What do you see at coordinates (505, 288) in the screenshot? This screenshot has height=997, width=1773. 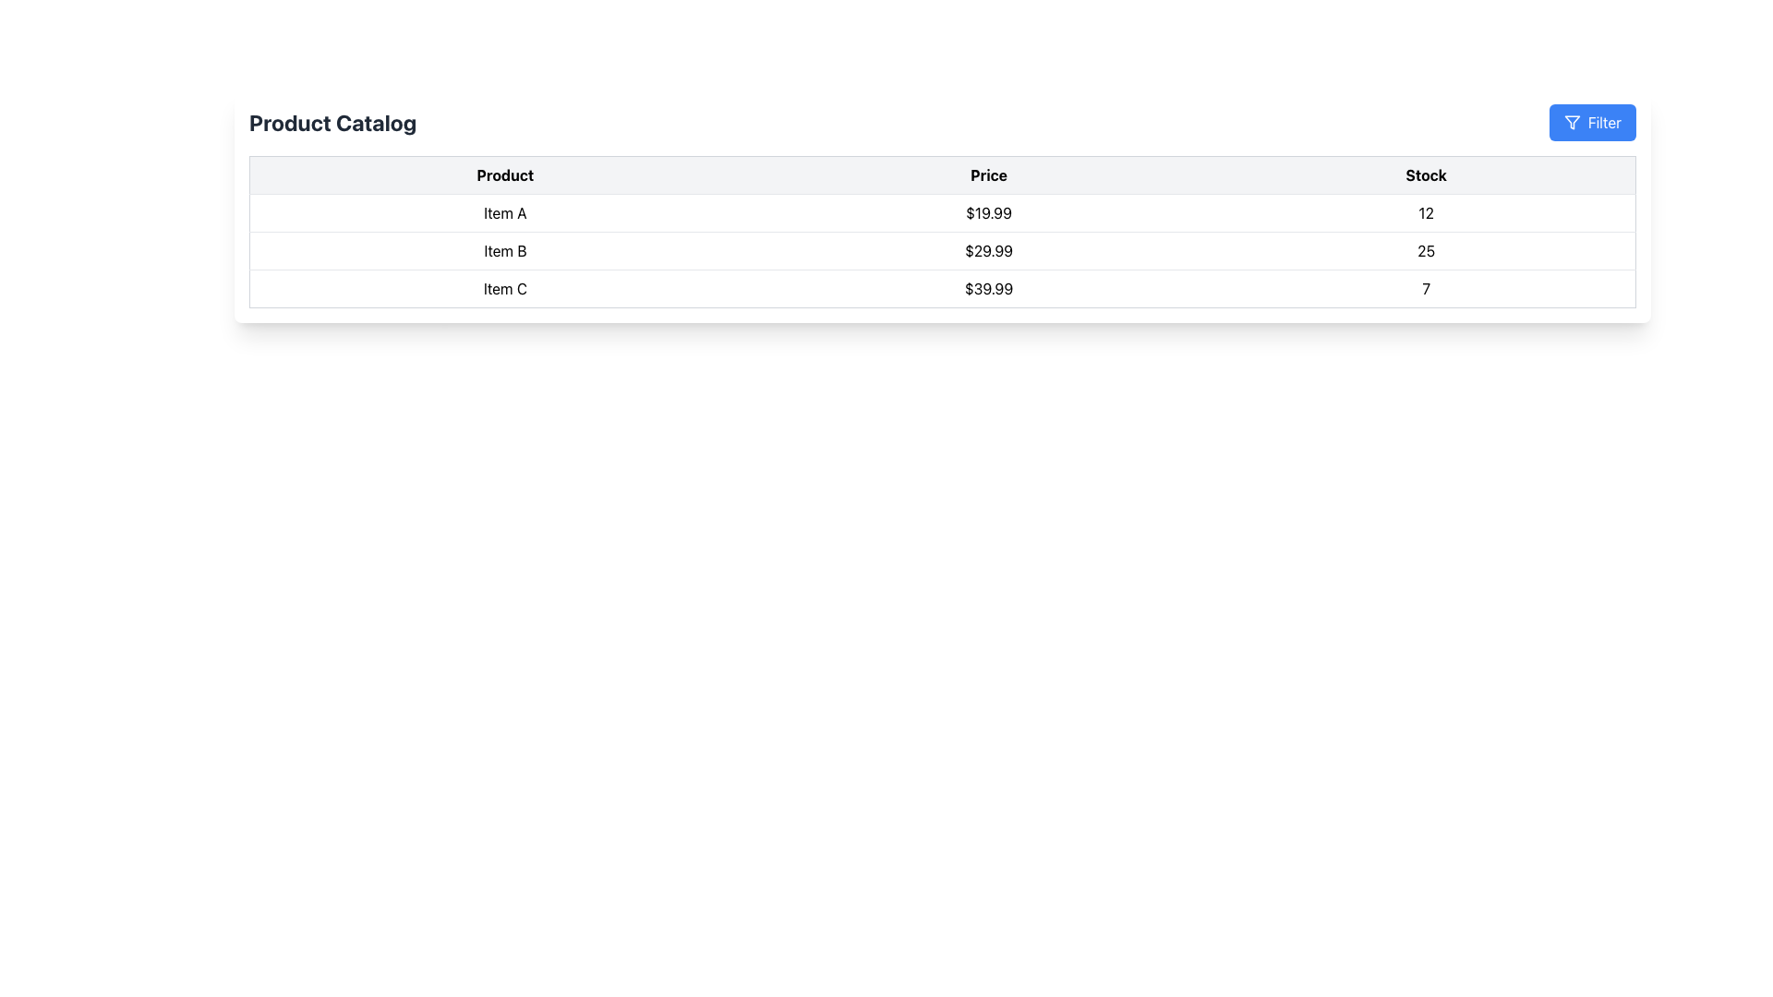 I see `the text label displaying 'Item C', which is located in the third row and first column of the table under 'Product'` at bounding box center [505, 288].